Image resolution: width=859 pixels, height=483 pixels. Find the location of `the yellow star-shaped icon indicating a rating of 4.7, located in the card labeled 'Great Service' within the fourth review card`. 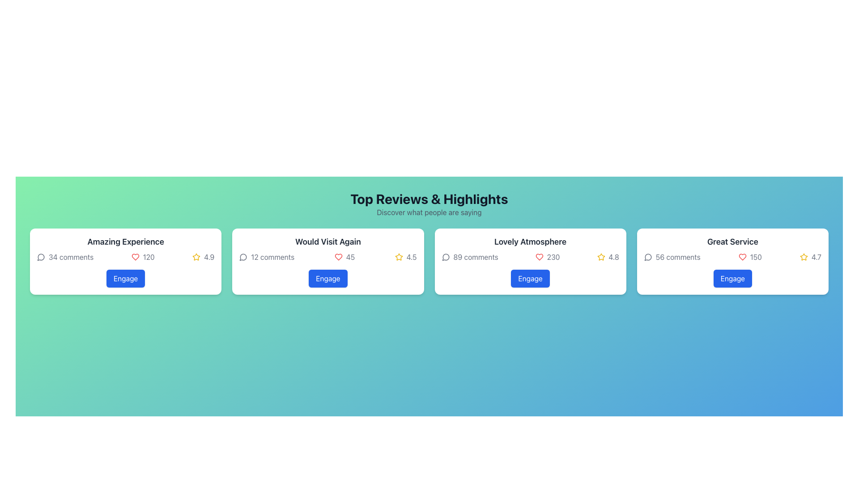

the yellow star-shaped icon indicating a rating of 4.7, located in the card labeled 'Great Service' within the fourth review card is located at coordinates (804, 257).